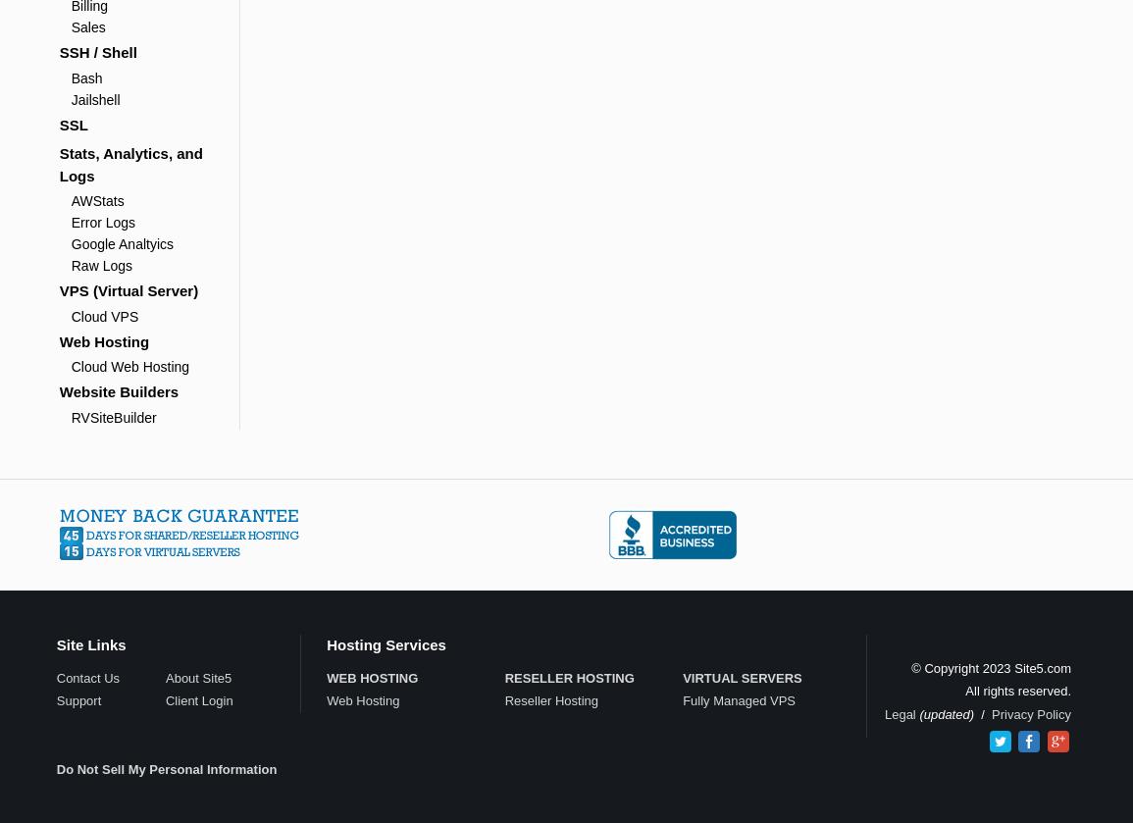  I want to click on 'Stats, Analytics, and Logs', so click(130, 164).